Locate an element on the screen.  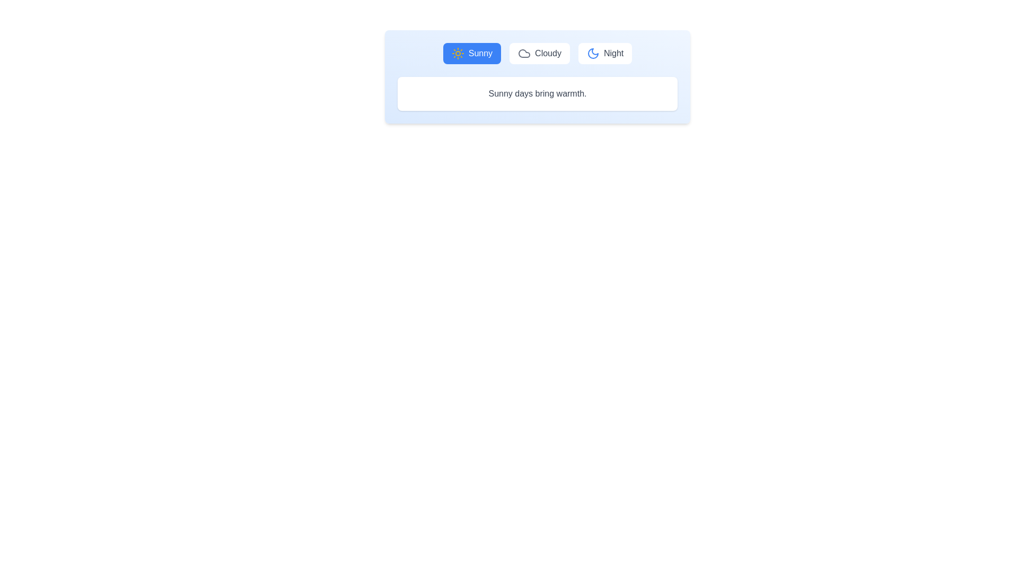
the Night tab to display its content is located at coordinates (605, 53).